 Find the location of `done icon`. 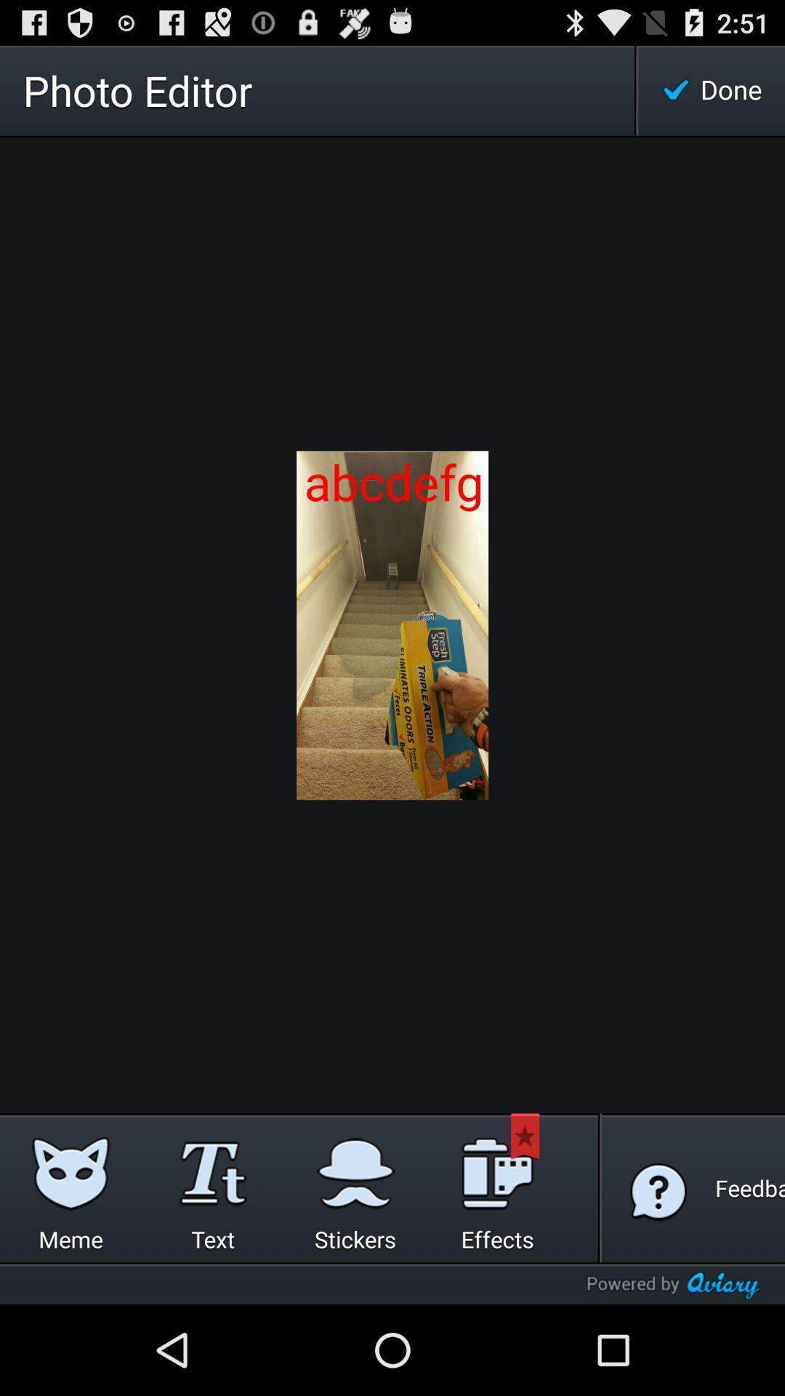

done icon is located at coordinates (711, 89).